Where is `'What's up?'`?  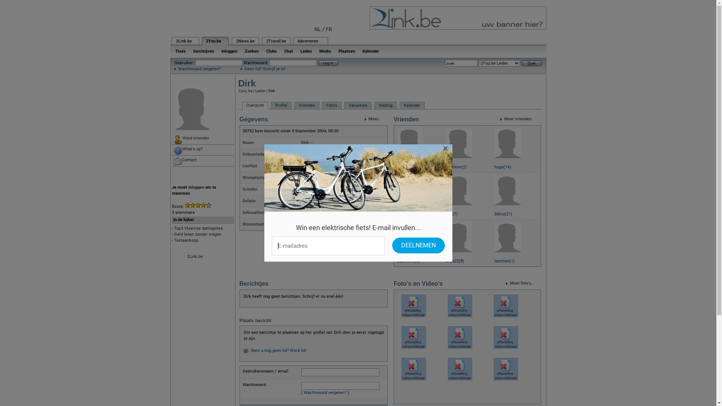
'What's up?' is located at coordinates (202, 150).